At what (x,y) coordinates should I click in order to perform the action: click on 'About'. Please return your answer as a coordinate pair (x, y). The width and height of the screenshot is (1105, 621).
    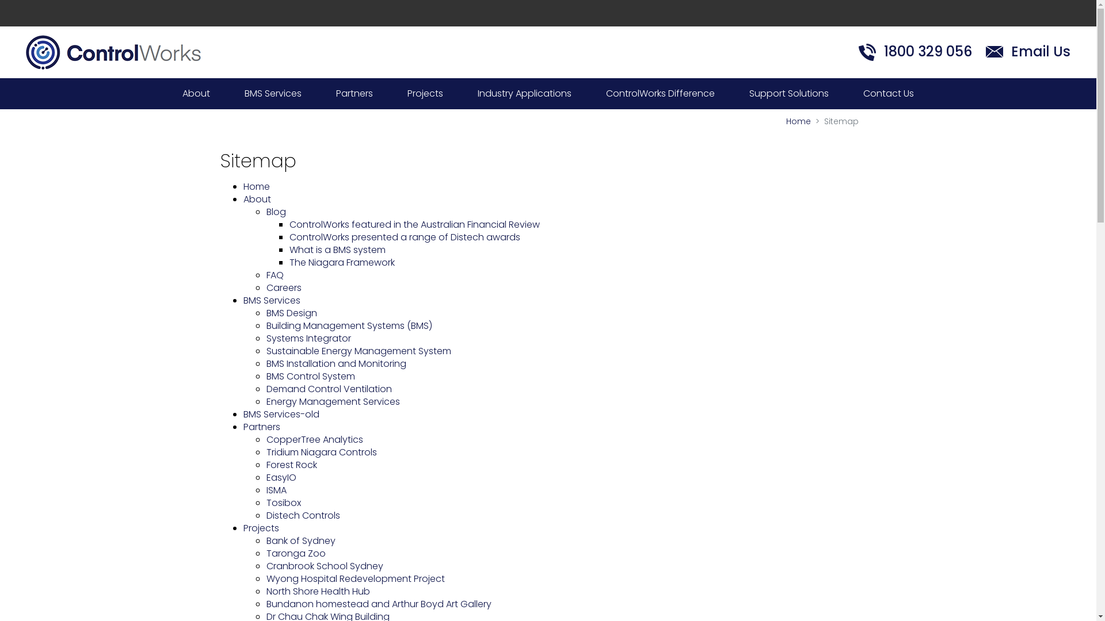
    Looking at the image, I should click on (196, 93).